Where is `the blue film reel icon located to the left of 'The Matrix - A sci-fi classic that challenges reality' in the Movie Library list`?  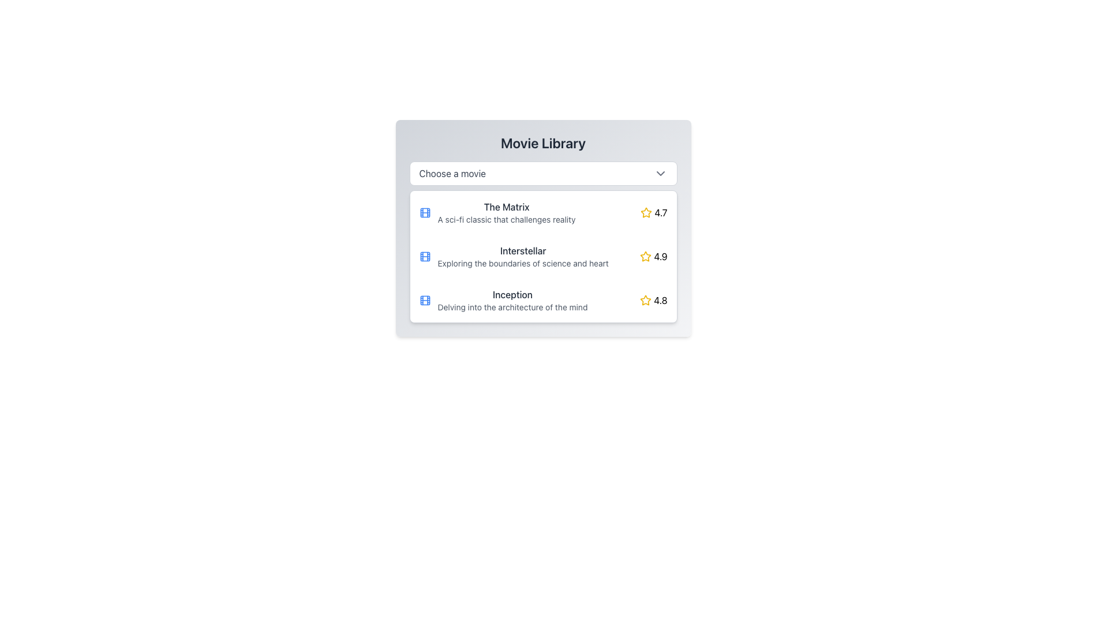 the blue film reel icon located to the left of 'The Matrix - A sci-fi classic that challenges reality' in the Movie Library list is located at coordinates (424, 213).